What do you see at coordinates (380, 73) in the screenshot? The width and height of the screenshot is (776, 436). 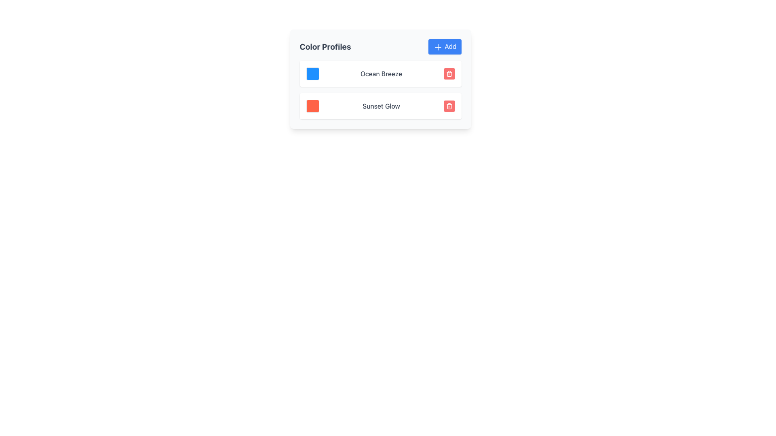 I see `the text label 'Ocean Breeze' in the first entry of the 'Color Profiles' list by moving the cursor to its center and clicking` at bounding box center [380, 73].